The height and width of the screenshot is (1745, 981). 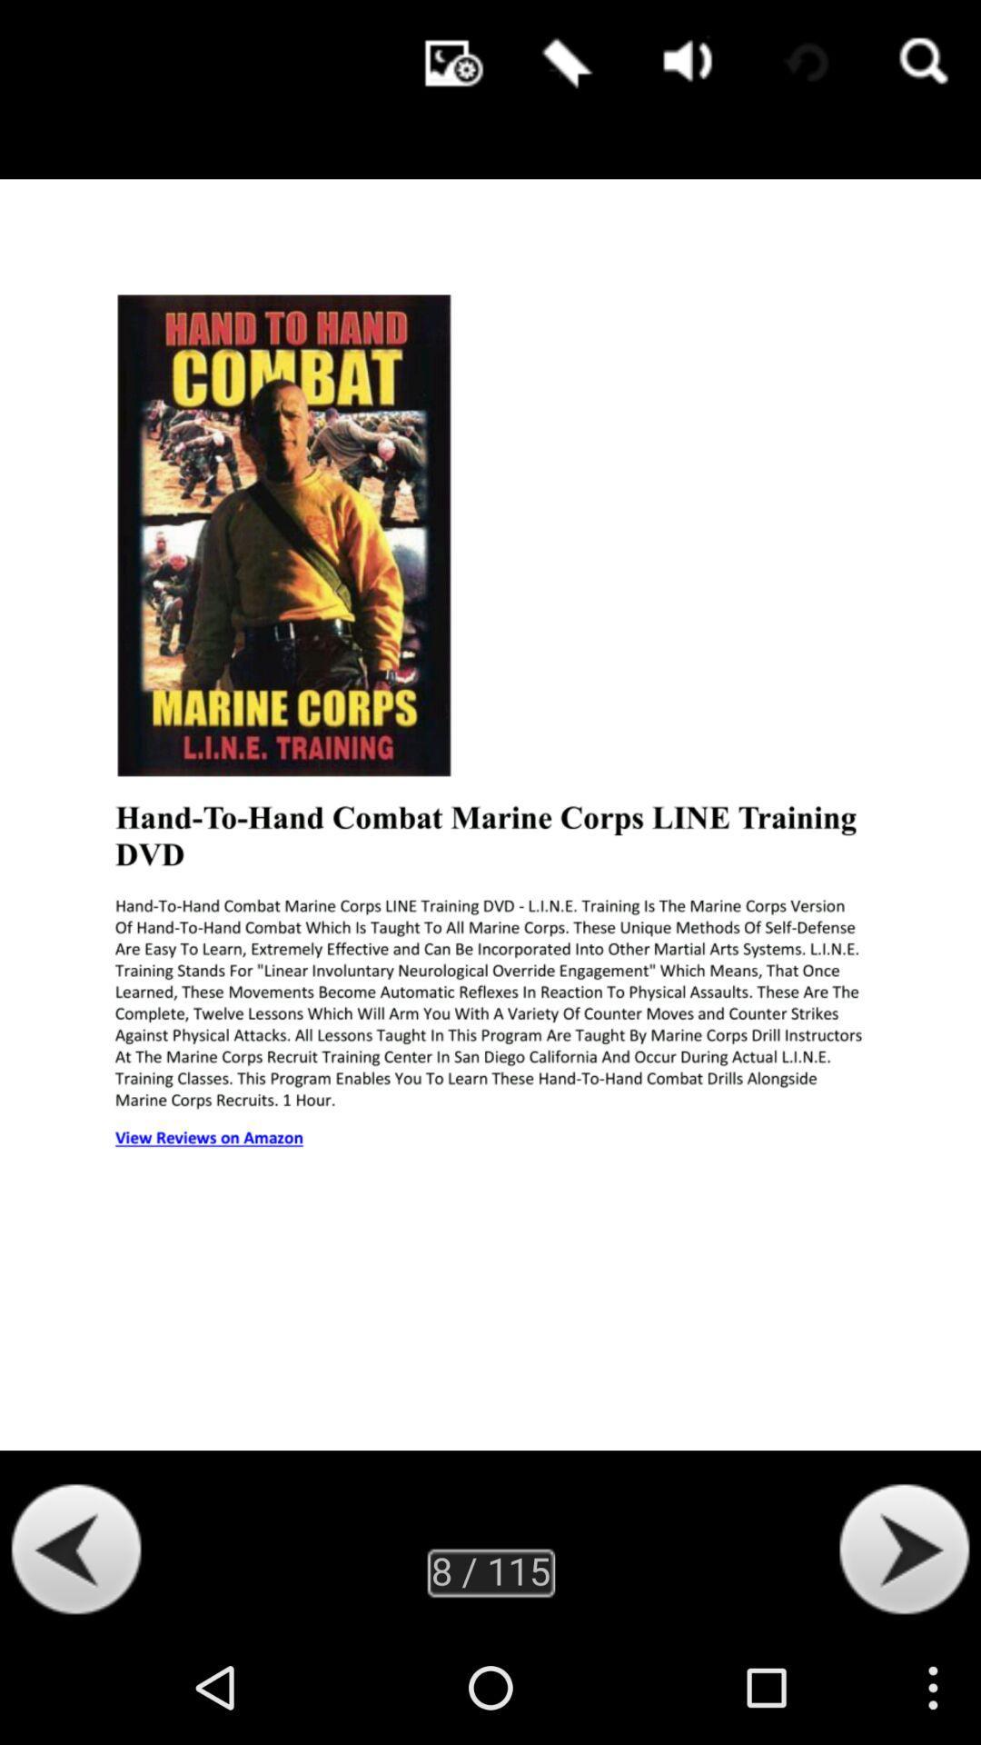 I want to click on the search icon, so click(x=921, y=64).